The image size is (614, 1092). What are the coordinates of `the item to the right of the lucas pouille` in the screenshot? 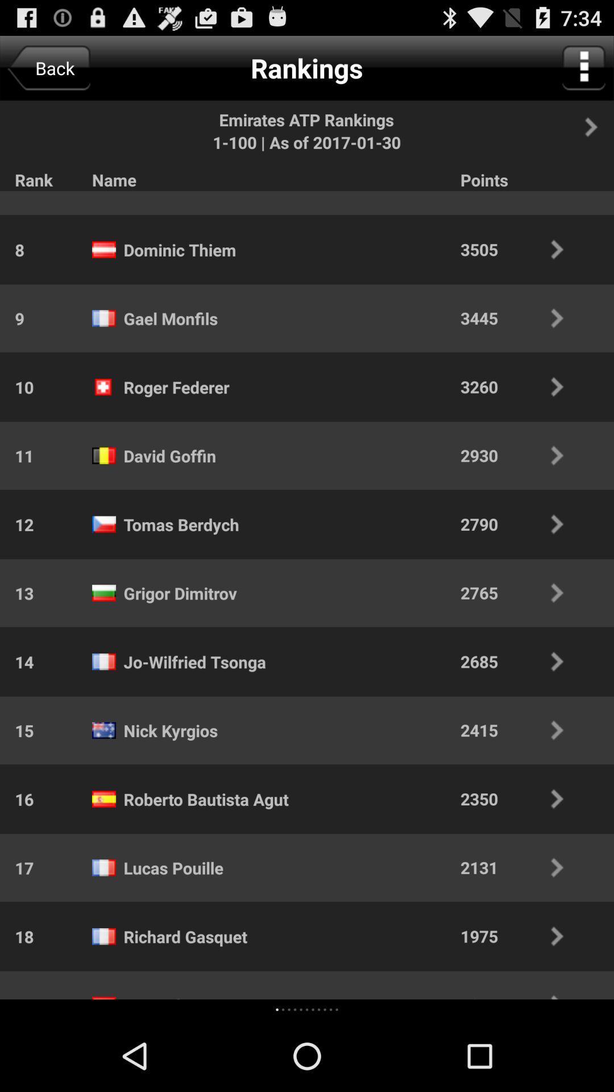 It's located at (520, 867).